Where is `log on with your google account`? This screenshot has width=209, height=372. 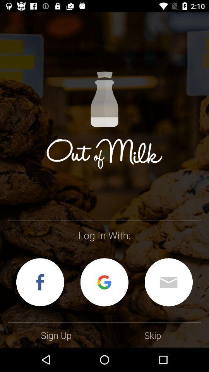
log on with your google account is located at coordinates (104, 282).